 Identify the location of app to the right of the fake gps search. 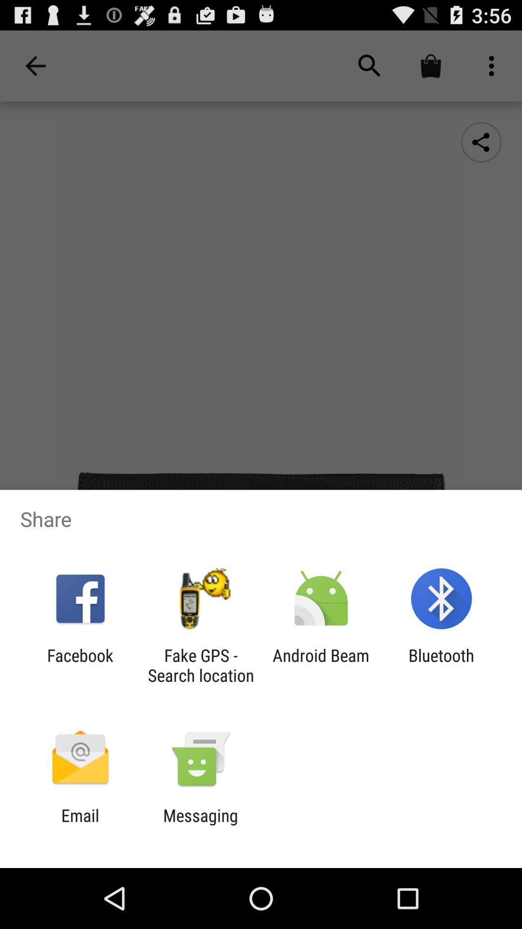
(321, 665).